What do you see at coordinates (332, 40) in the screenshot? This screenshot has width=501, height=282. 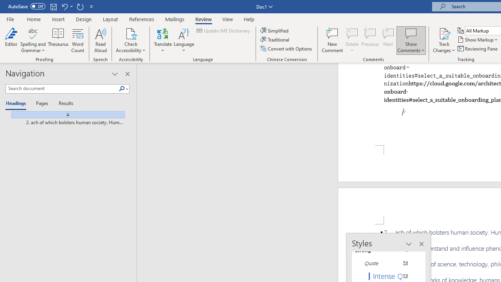 I see `'New Comment'` at bounding box center [332, 40].